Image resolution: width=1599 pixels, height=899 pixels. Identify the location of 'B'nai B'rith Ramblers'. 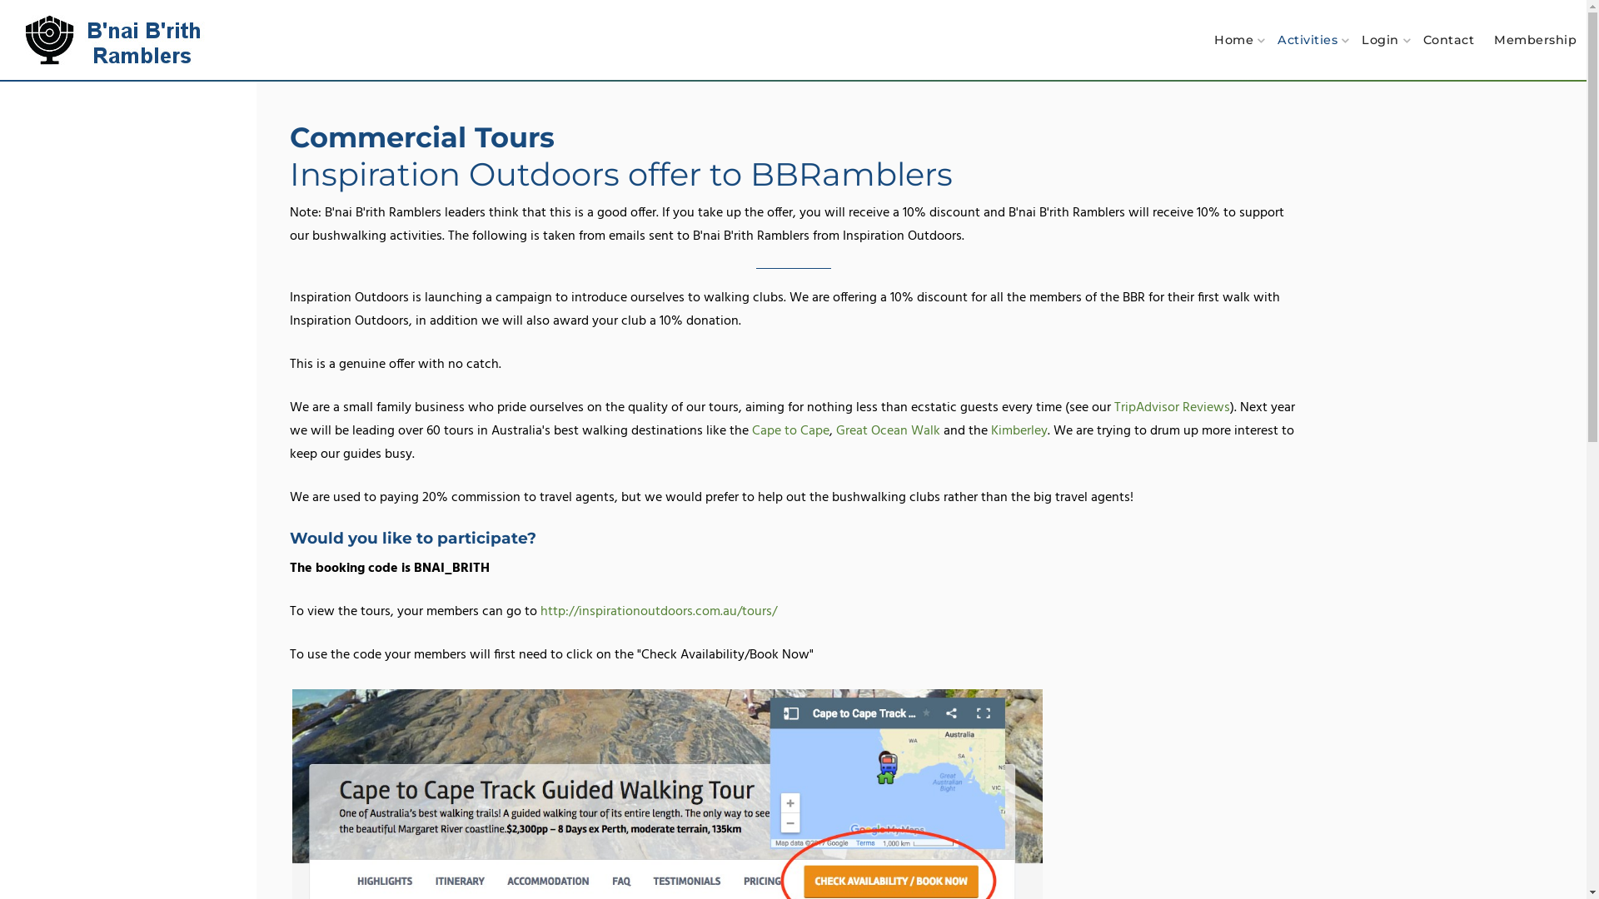
(117, 38).